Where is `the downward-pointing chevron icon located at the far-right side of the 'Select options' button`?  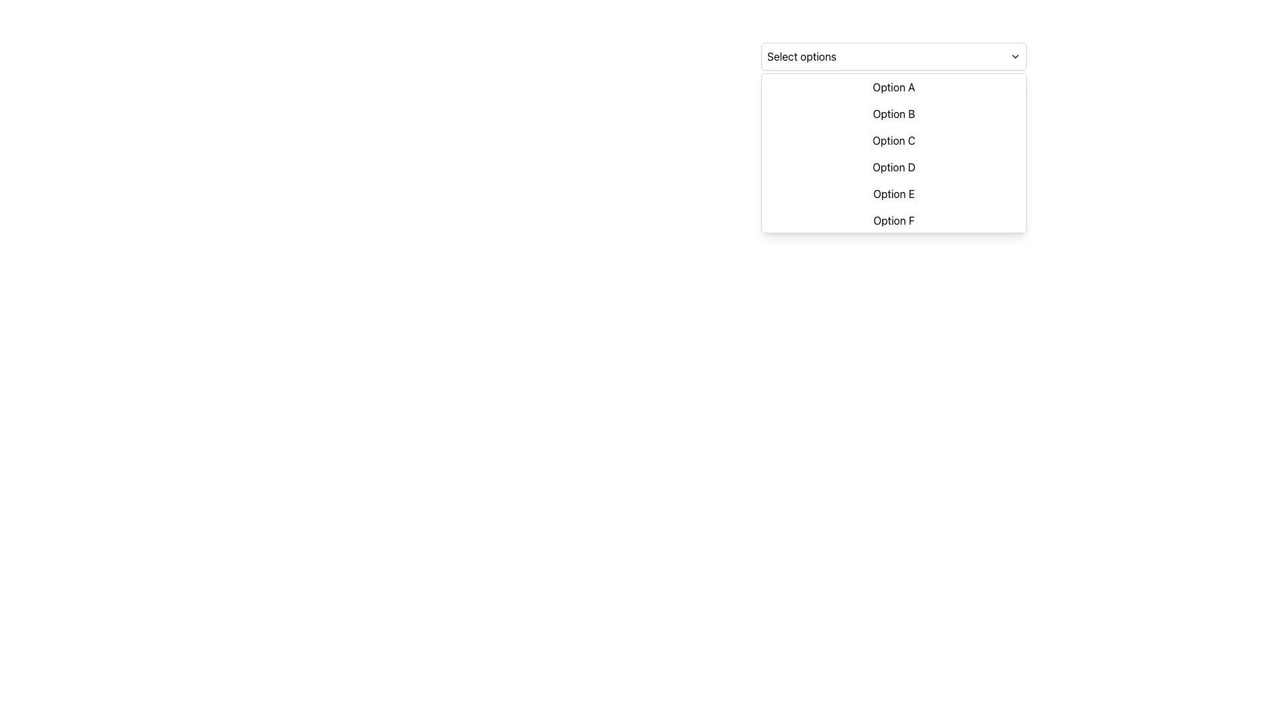 the downward-pointing chevron icon located at the far-right side of the 'Select options' button is located at coordinates (1014, 55).